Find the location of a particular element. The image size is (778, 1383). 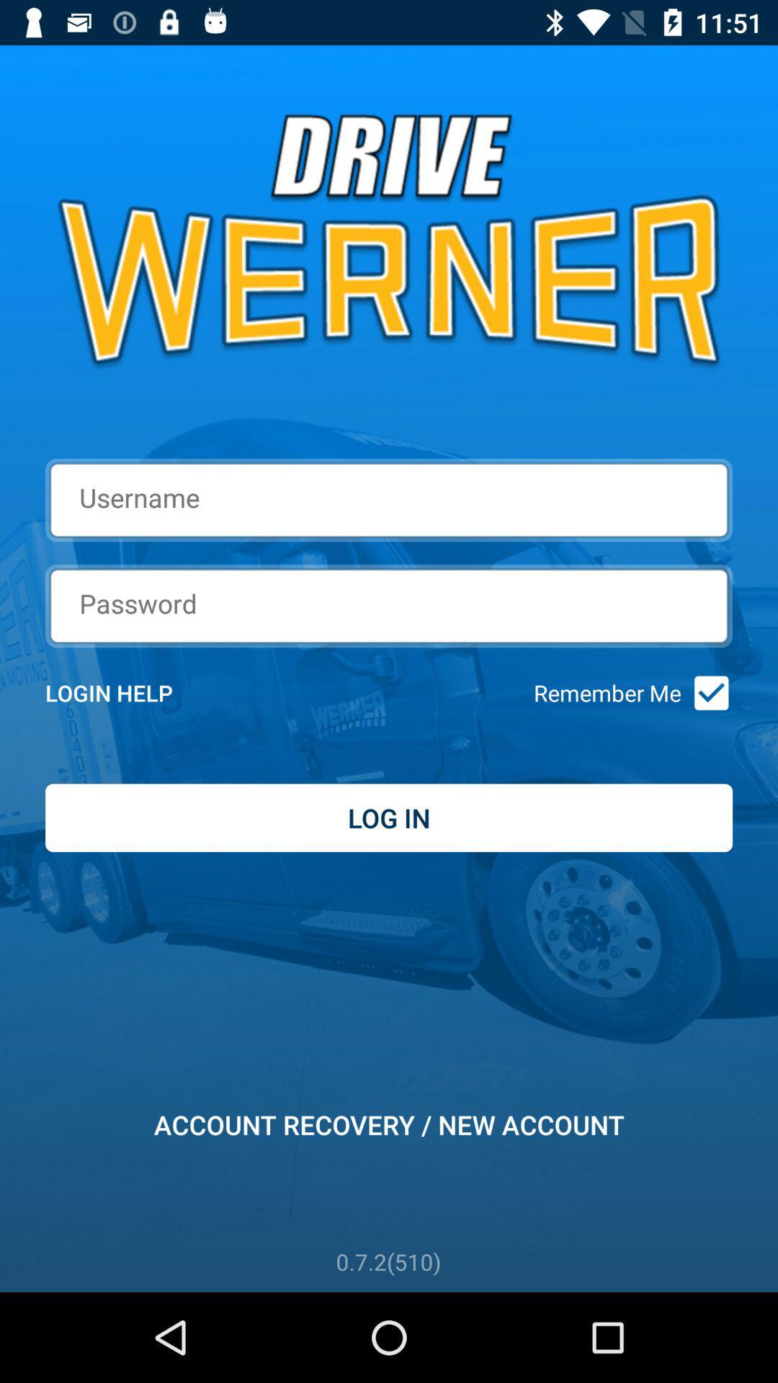

the log in item is located at coordinates (389, 818).